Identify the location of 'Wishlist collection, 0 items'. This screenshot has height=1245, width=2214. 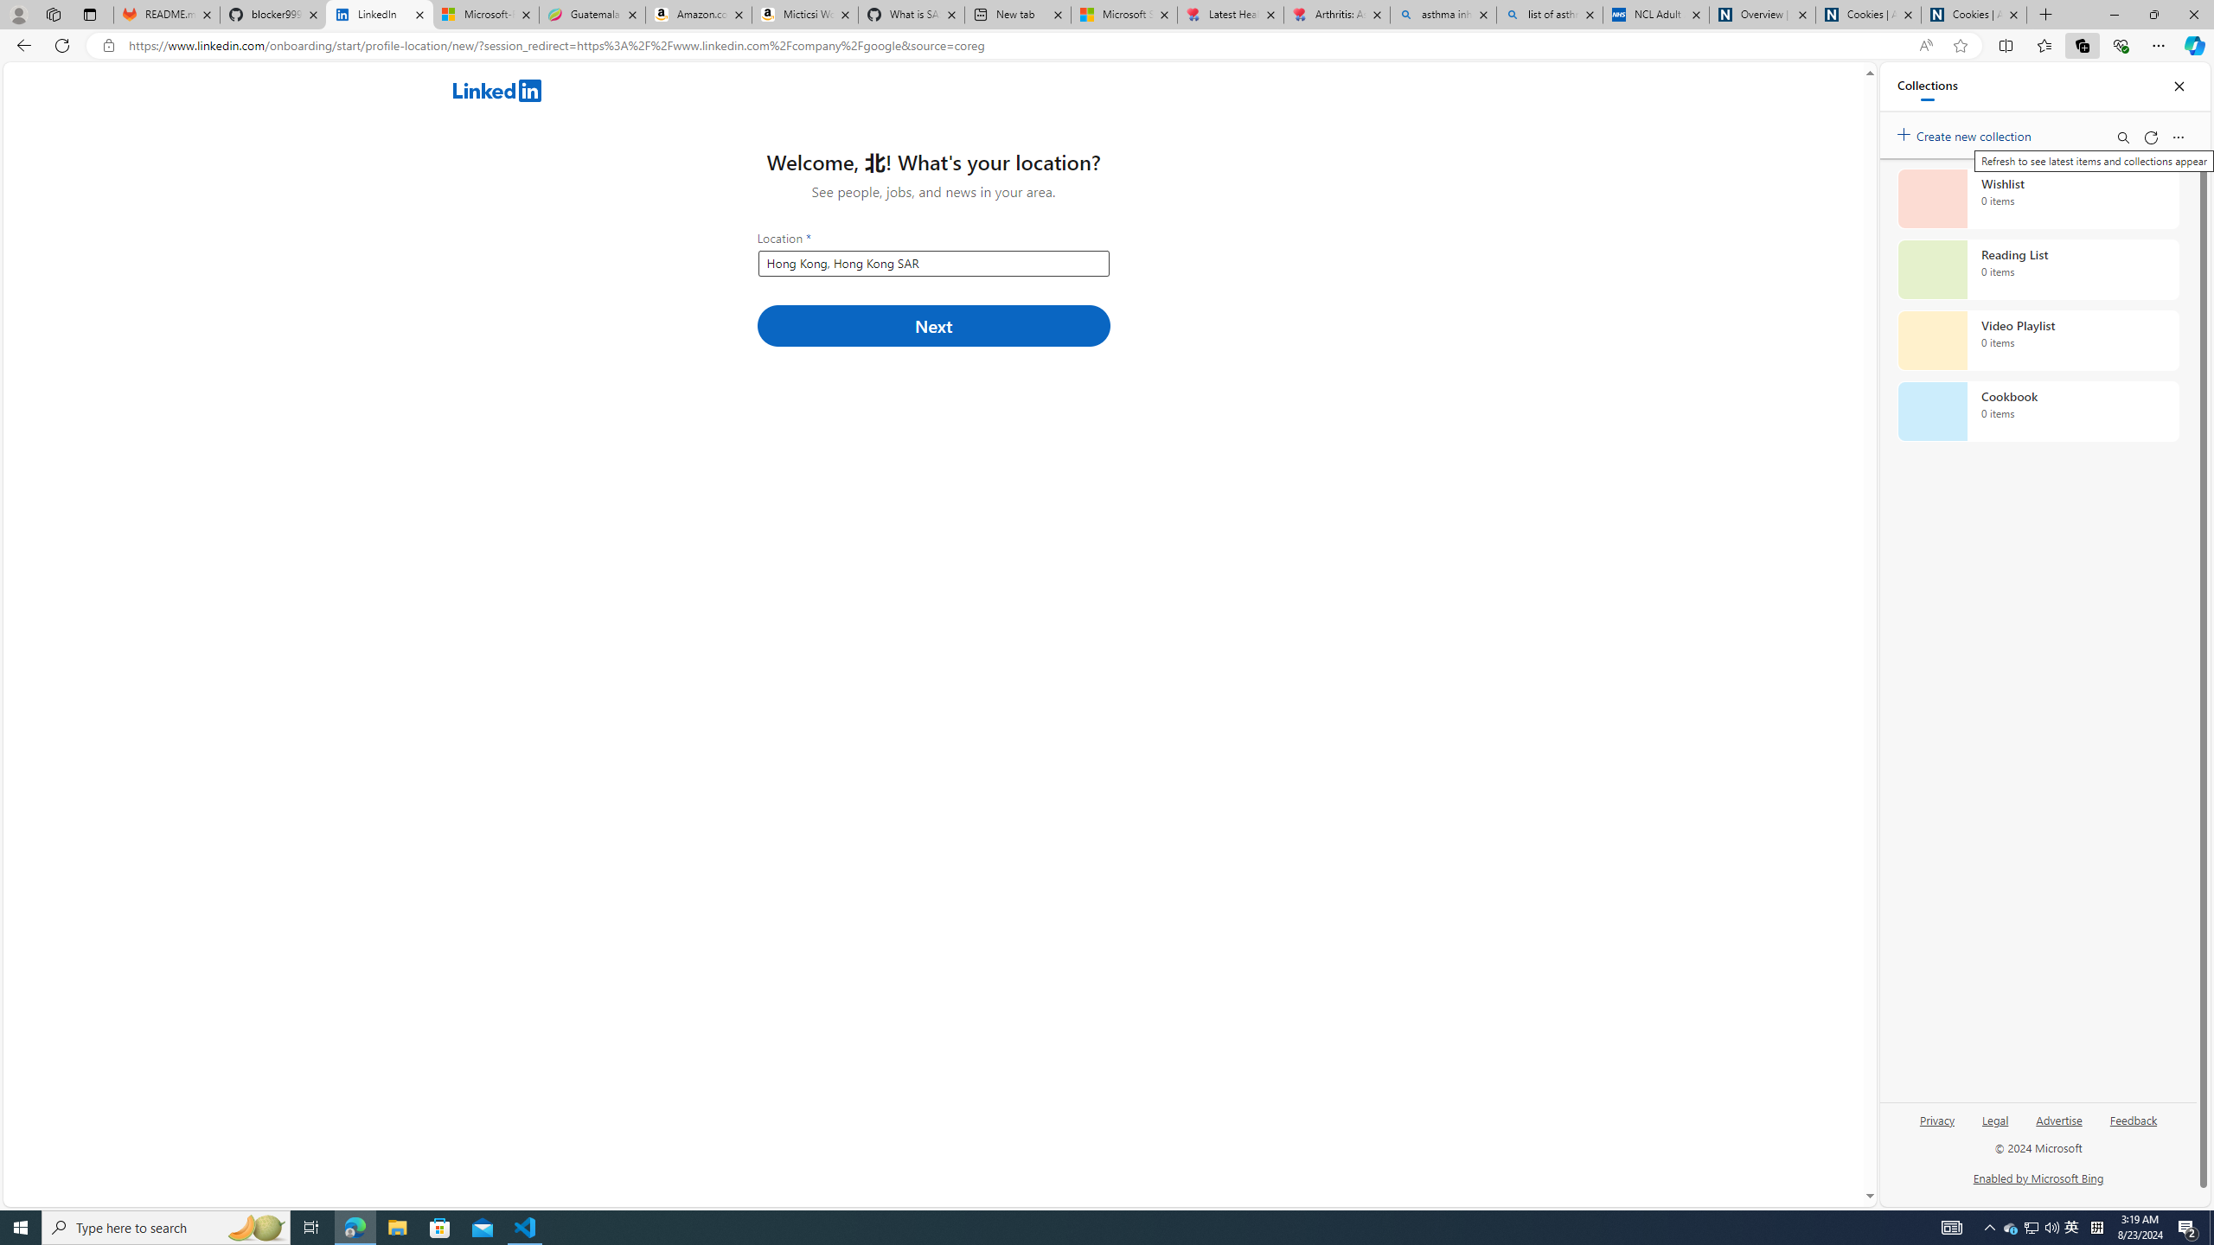
(2038, 198).